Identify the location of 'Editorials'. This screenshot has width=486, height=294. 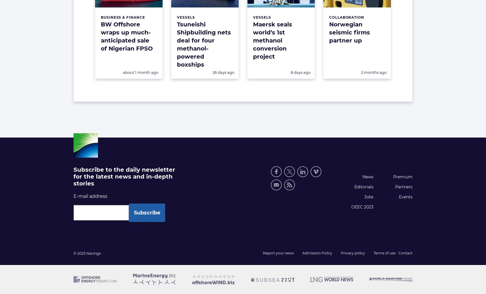
(363, 186).